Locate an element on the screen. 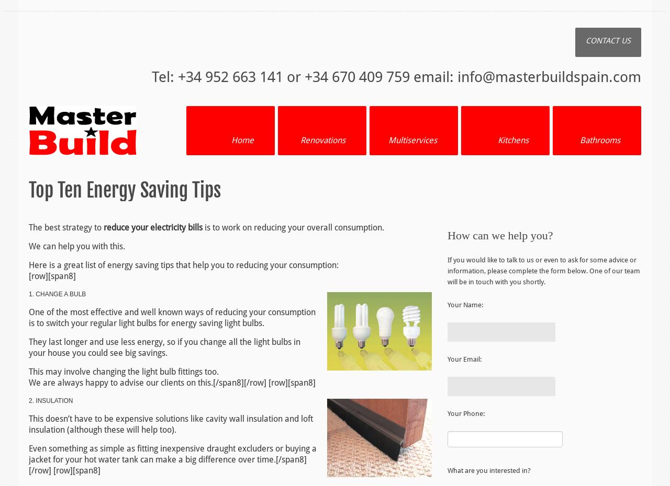  'They last longer and use less energy, so if you change all the light bulbs in your house you could see big savings.' is located at coordinates (164, 346).